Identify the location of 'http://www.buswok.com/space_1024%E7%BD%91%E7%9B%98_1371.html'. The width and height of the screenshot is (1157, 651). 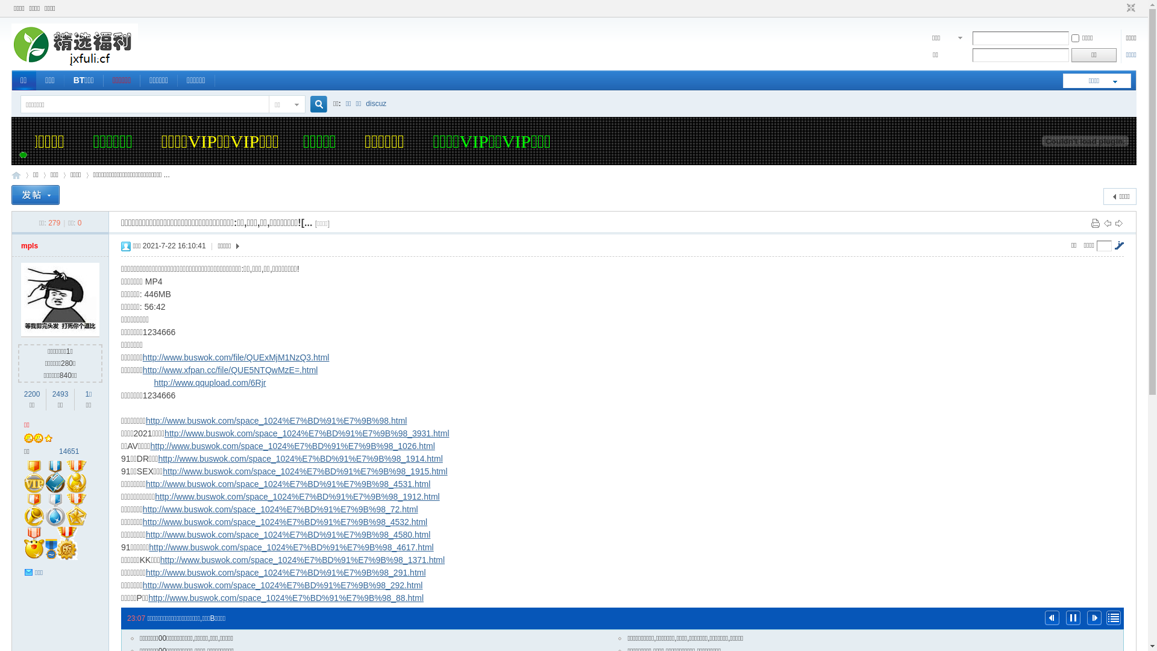
(303, 560).